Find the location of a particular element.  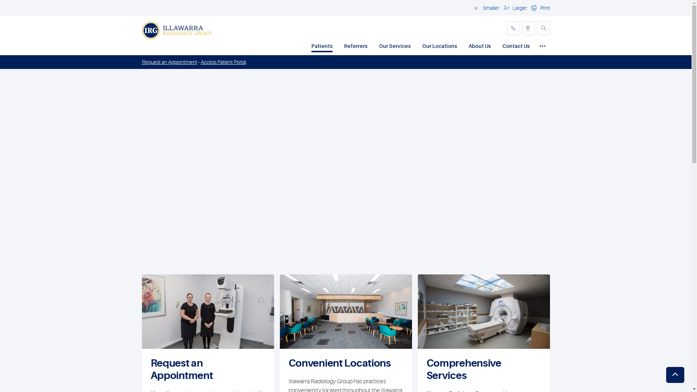

'Patients' is located at coordinates (322, 46).